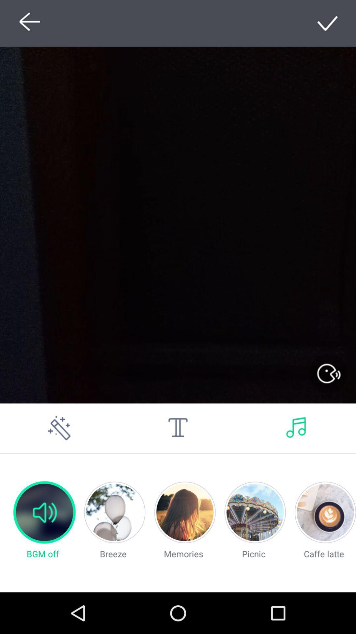 This screenshot has height=634, width=356. Describe the element at coordinates (178, 428) in the screenshot. I see `this icon indicates a text items` at that location.